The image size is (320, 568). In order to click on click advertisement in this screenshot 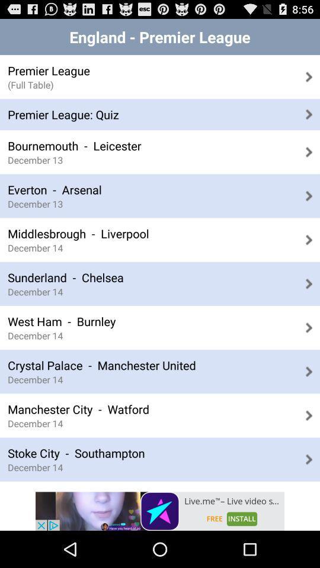, I will do `click(160, 511)`.